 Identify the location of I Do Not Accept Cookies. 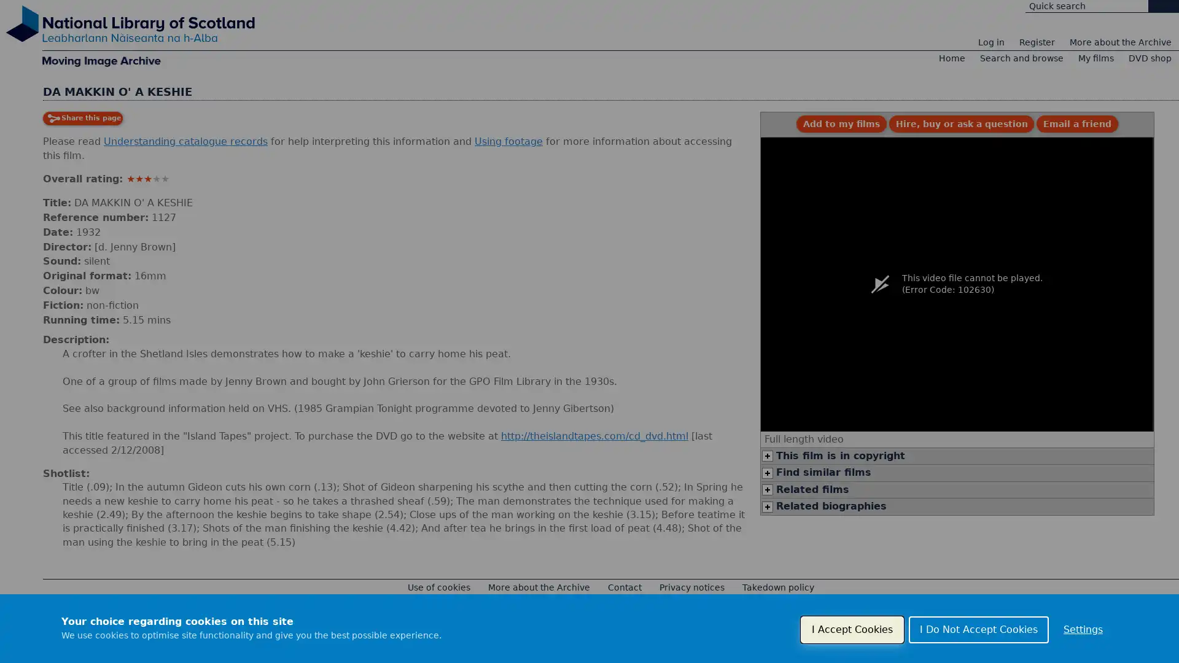
(978, 630).